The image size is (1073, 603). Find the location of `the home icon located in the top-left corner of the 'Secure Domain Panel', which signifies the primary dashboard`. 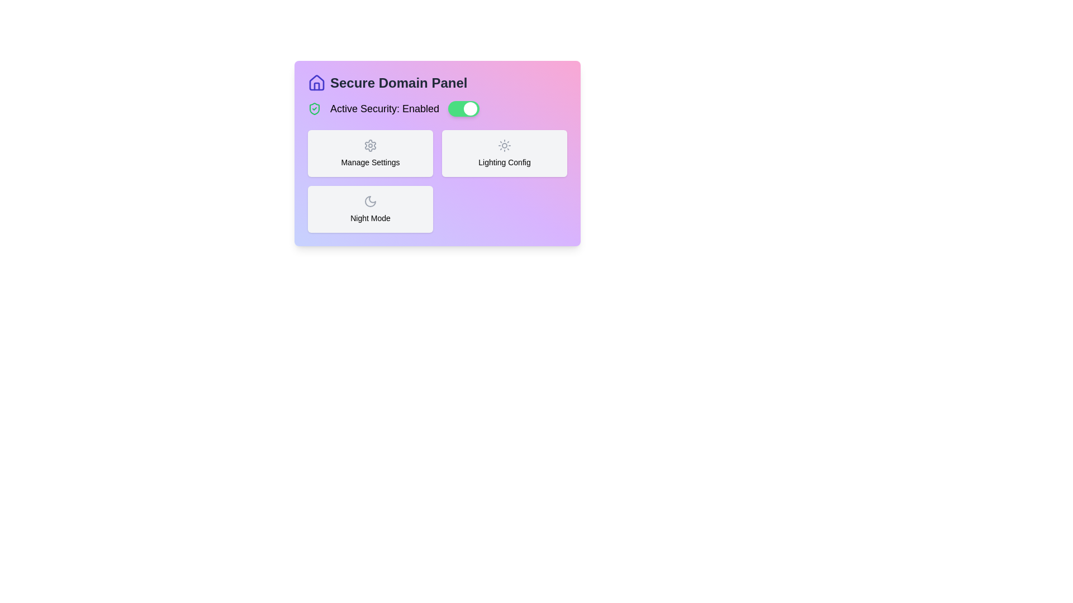

the home icon located in the top-left corner of the 'Secure Domain Panel', which signifies the primary dashboard is located at coordinates (316, 82).